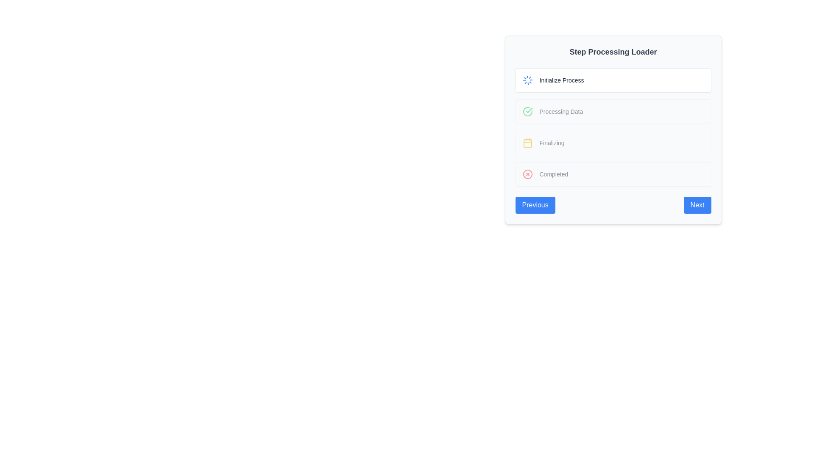 The width and height of the screenshot is (814, 457). I want to click on the red circular icon with a cross inside, located to the left of the 'Completed' text in the last row of the step progress list, so click(527, 174).